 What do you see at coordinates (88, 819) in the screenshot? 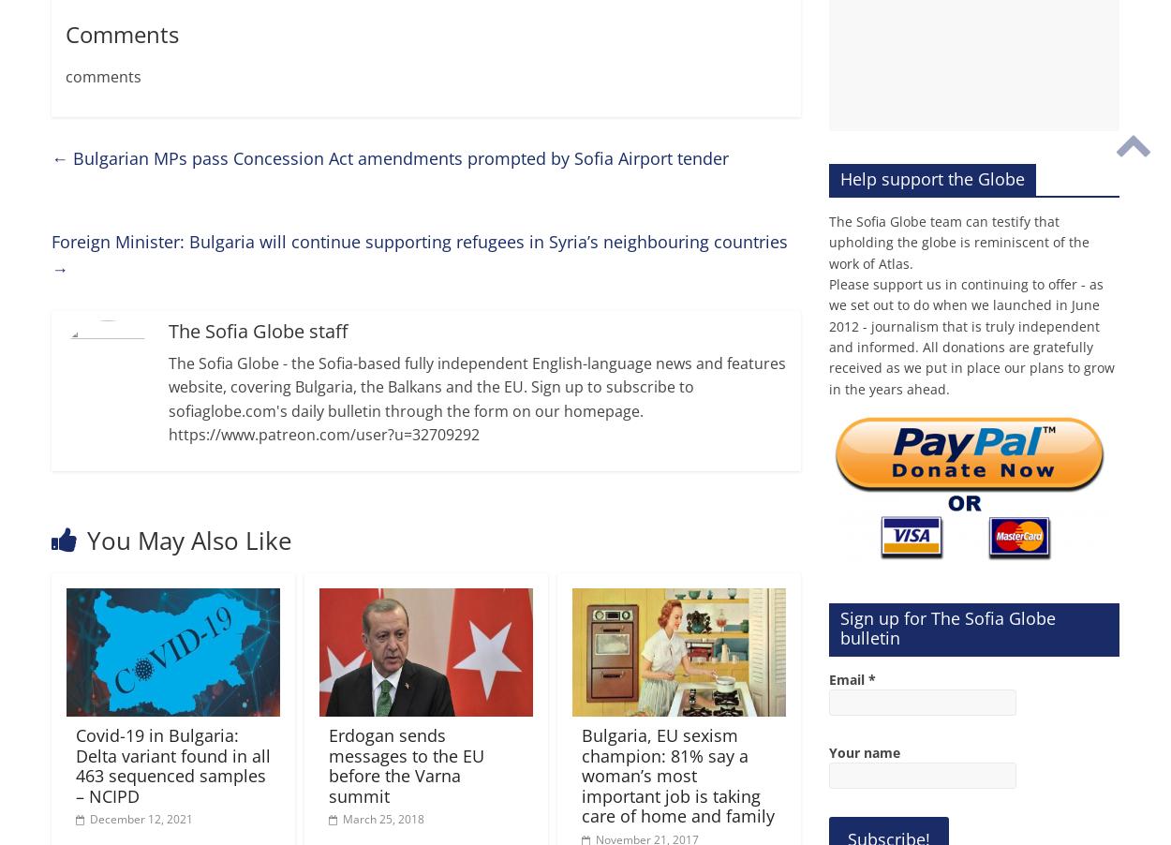
I see `'December 12, 2021'` at bounding box center [88, 819].